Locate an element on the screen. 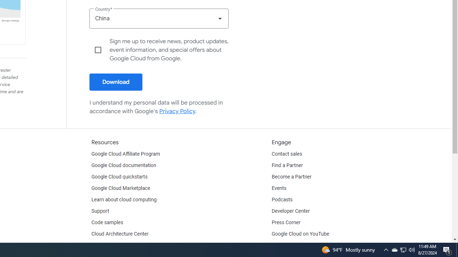 The height and width of the screenshot is (257, 458). 'Google Cloud quickstarts' is located at coordinates (120, 177).